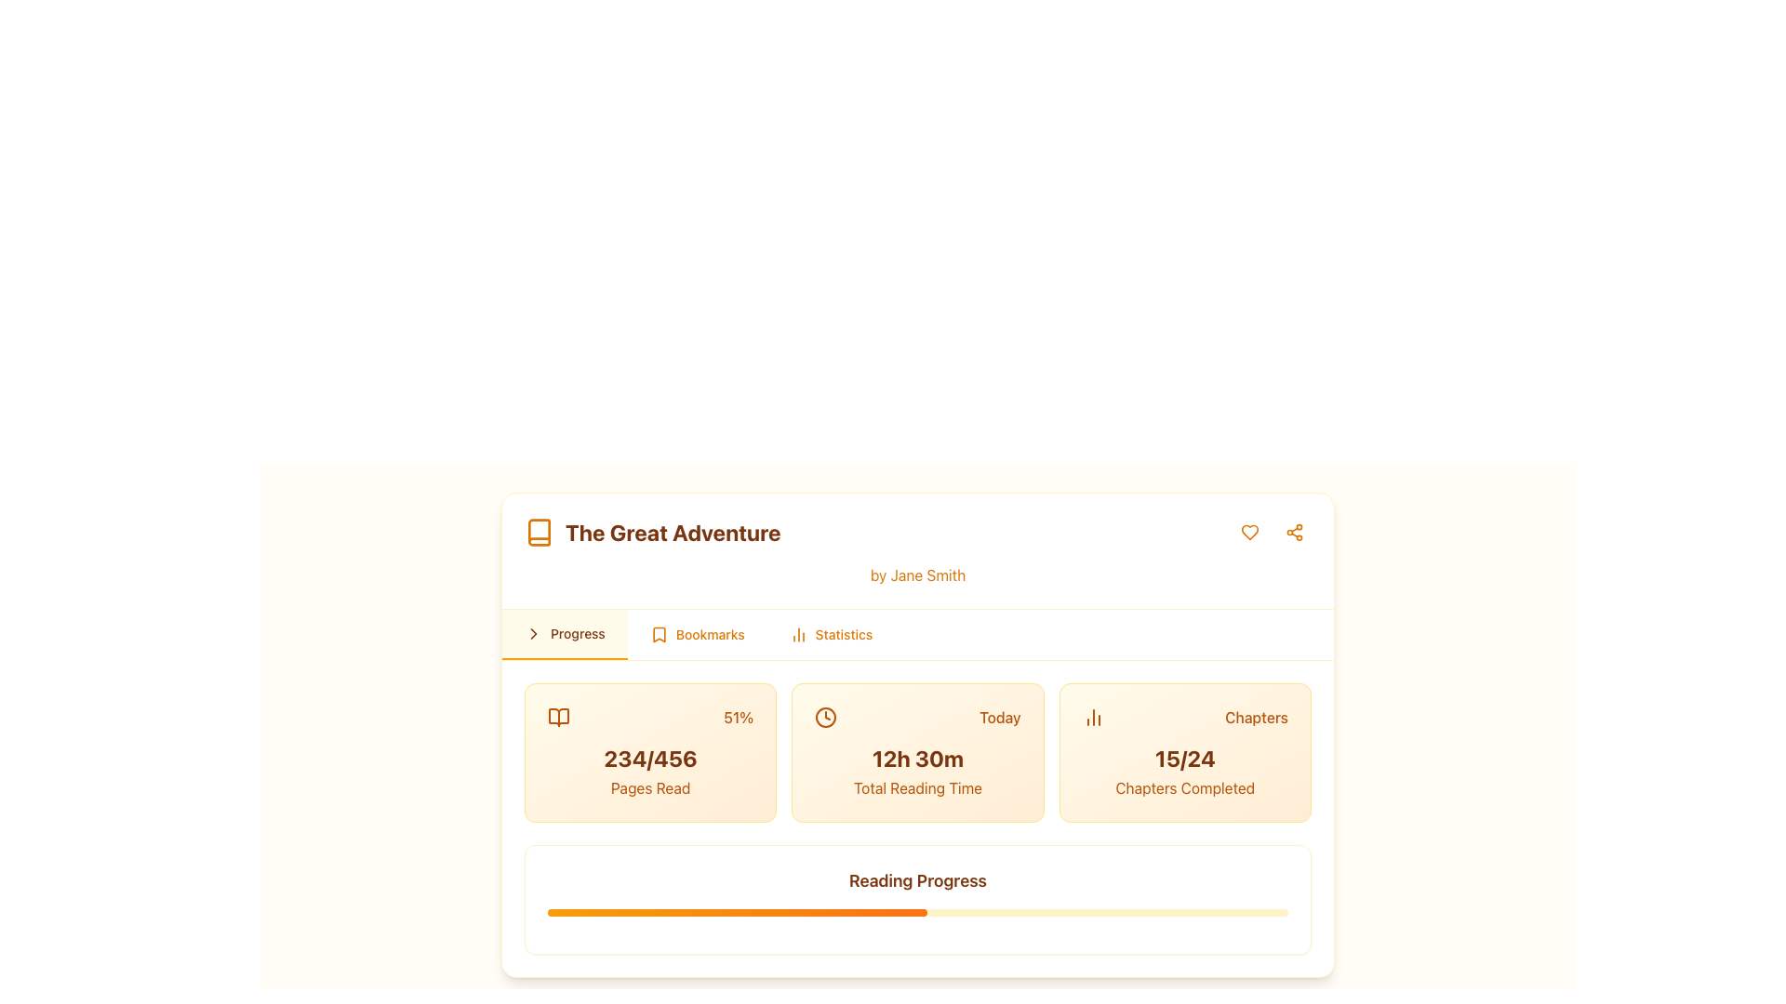 The height and width of the screenshot is (1004, 1786). I want to click on the 'Bookmarks' icon, which is the second tab from the left in the navigation bar located at the upper section of the page, next to the 'Progress' tab, so click(659, 633).